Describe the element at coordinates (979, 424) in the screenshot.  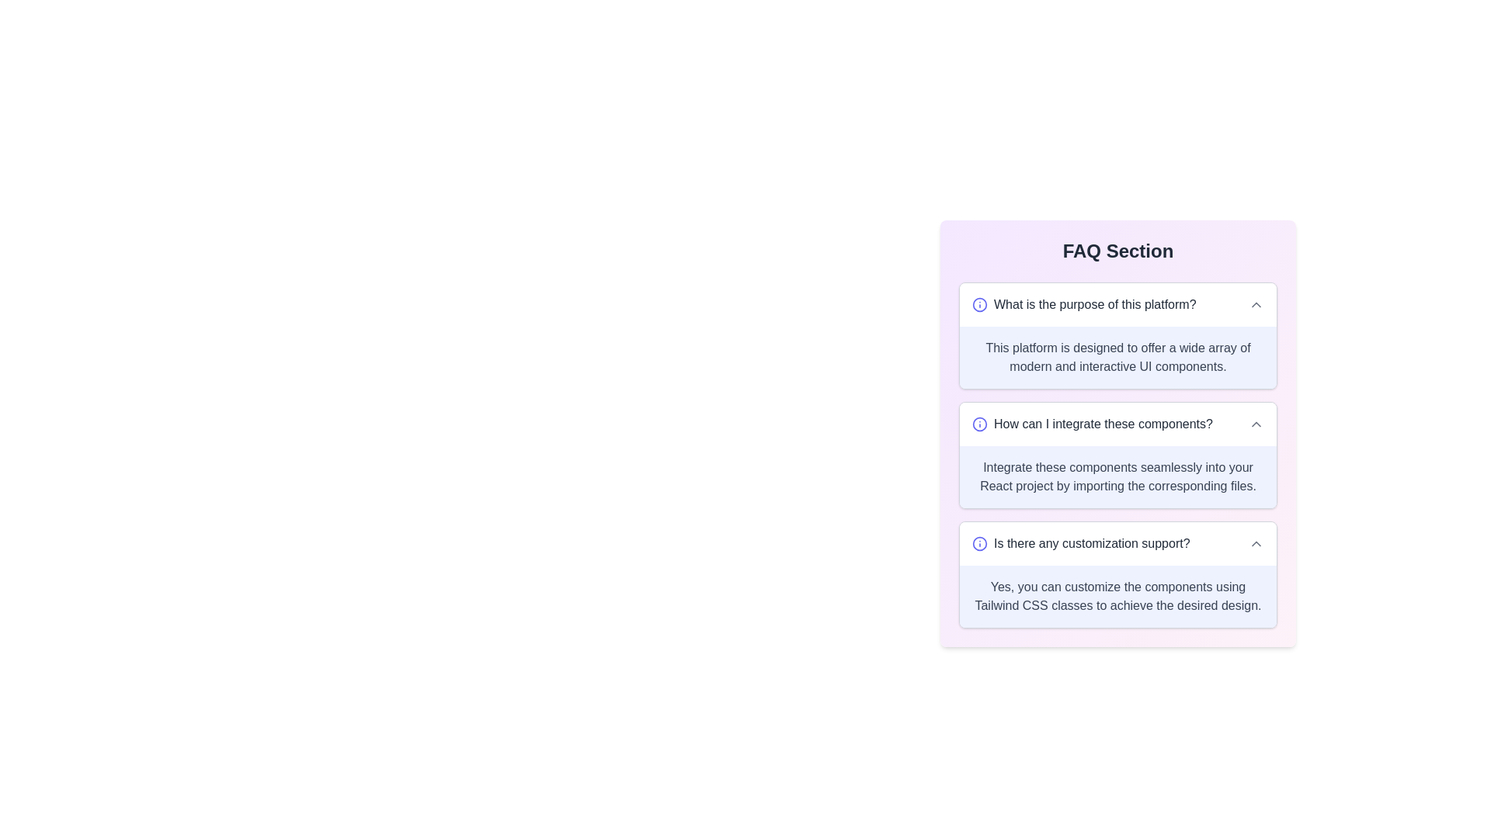
I see `the circular SVG shape located to the left of the expanded FAQ entry titled 'How can I integrate these components?'` at that location.